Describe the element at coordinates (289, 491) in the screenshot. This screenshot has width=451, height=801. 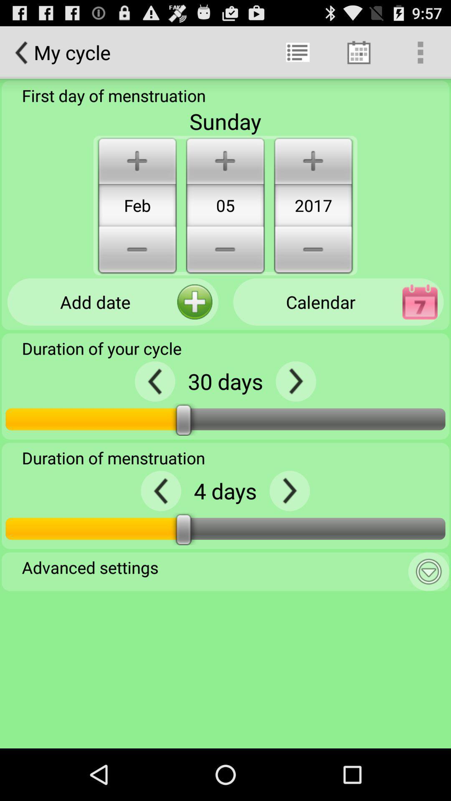
I see `next` at that location.